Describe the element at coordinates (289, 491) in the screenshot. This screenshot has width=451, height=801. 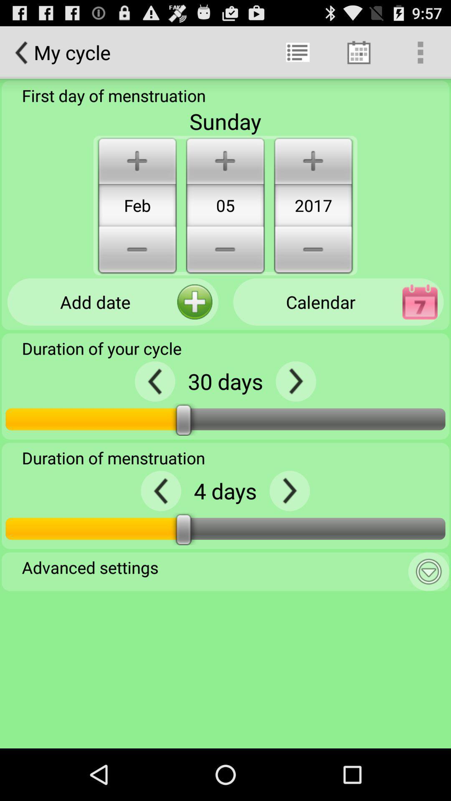
I see `next` at that location.